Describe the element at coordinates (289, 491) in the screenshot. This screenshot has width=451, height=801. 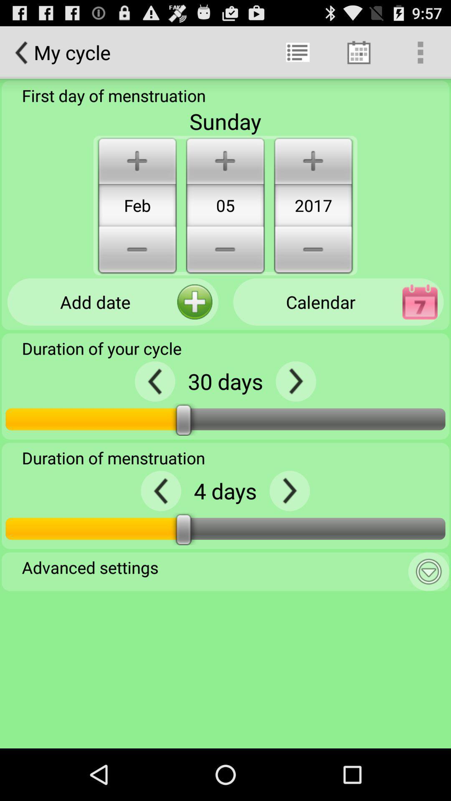
I see `next` at that location.